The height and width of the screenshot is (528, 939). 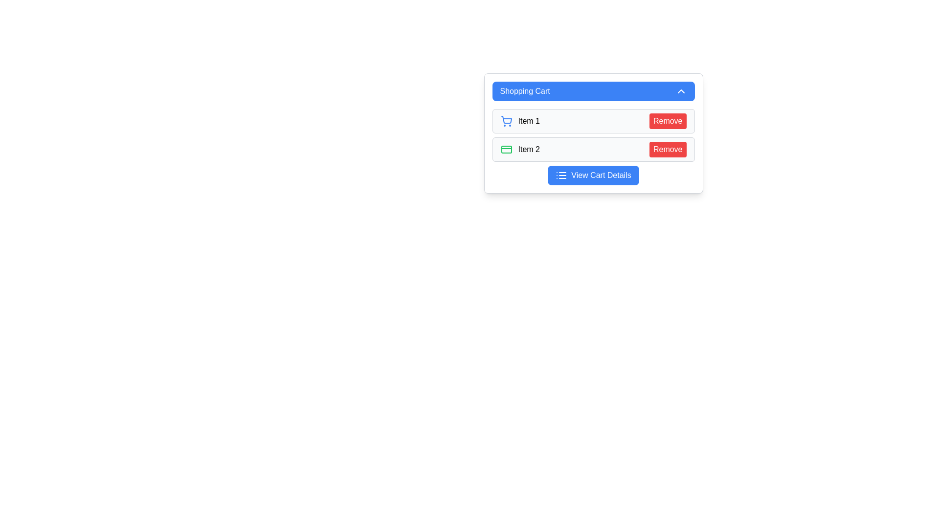 What do you see at coordinates (524, 91) in the screenshot?
I see `the Text Label that serves as a heading for the collapsible shopping cart section, positioned at the left of the header and preceding a chevron icon` at bounding box center [524, 91].